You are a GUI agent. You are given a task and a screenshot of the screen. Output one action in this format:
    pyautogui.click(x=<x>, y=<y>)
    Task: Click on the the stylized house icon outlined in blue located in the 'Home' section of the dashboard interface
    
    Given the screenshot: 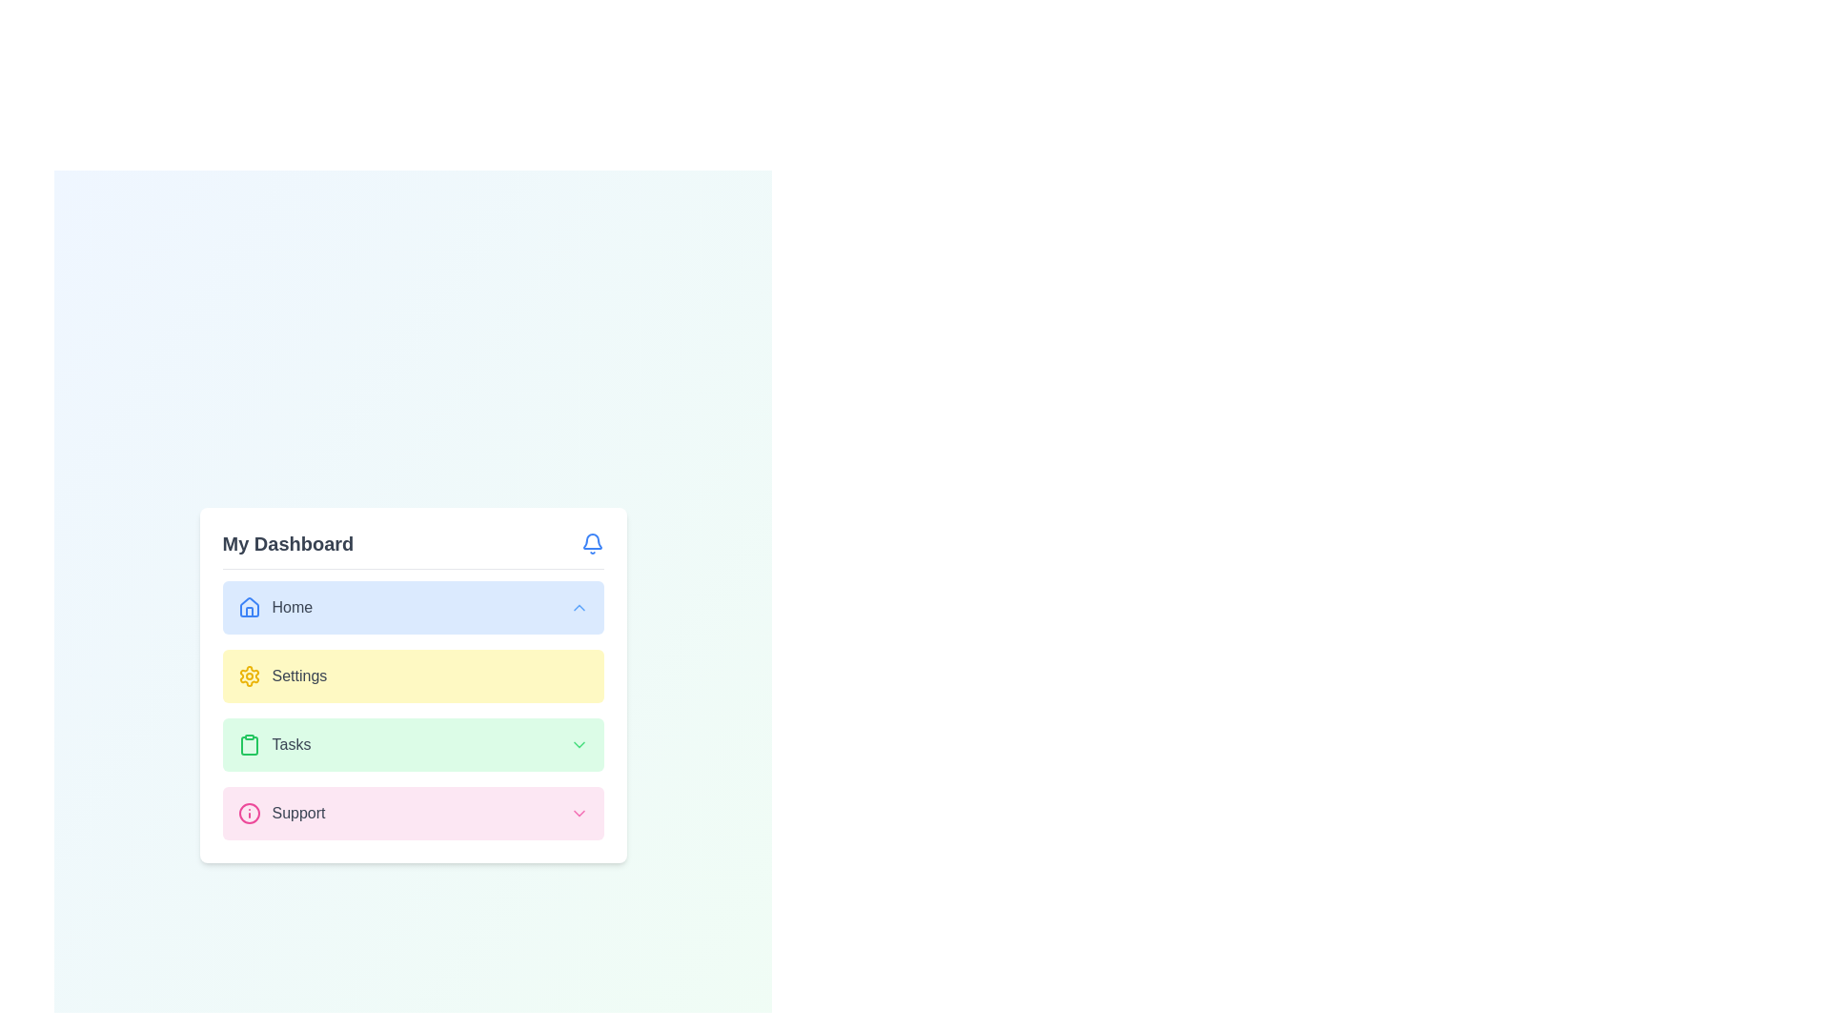 What is the action you would take?
    pyautogui.click(x=248, y=606)
    